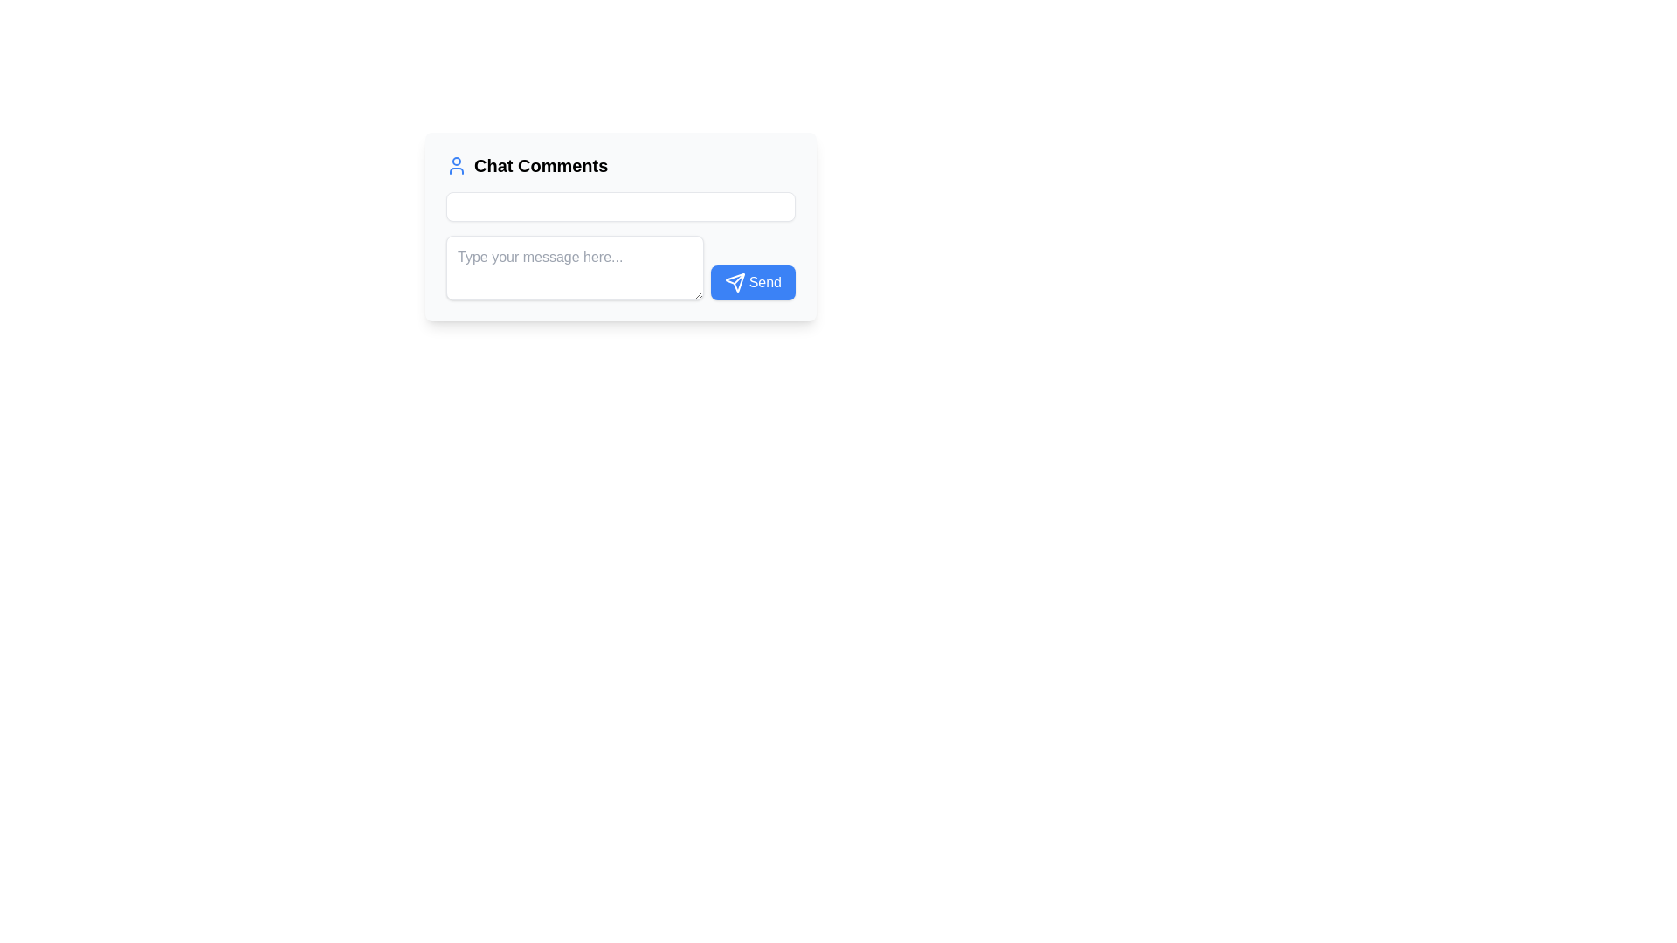 This screenshot has width=1677, height=943. What do you see at coordinates (735, 282) in the screenshot?
I see `the paper airplane icon on the left side of the blue 'Send' button, which is centered vertically and aligned to the left of the text label` at bounding box center [735, 282].